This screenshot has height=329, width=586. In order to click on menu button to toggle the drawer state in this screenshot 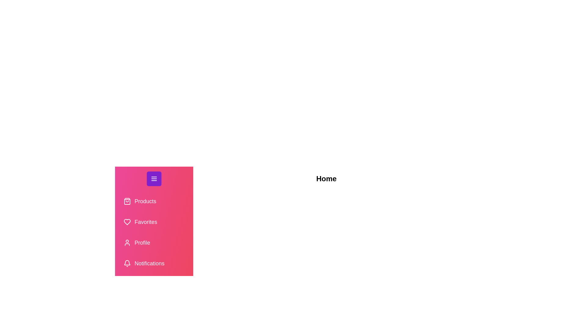, I will do `click(154, 178)`.